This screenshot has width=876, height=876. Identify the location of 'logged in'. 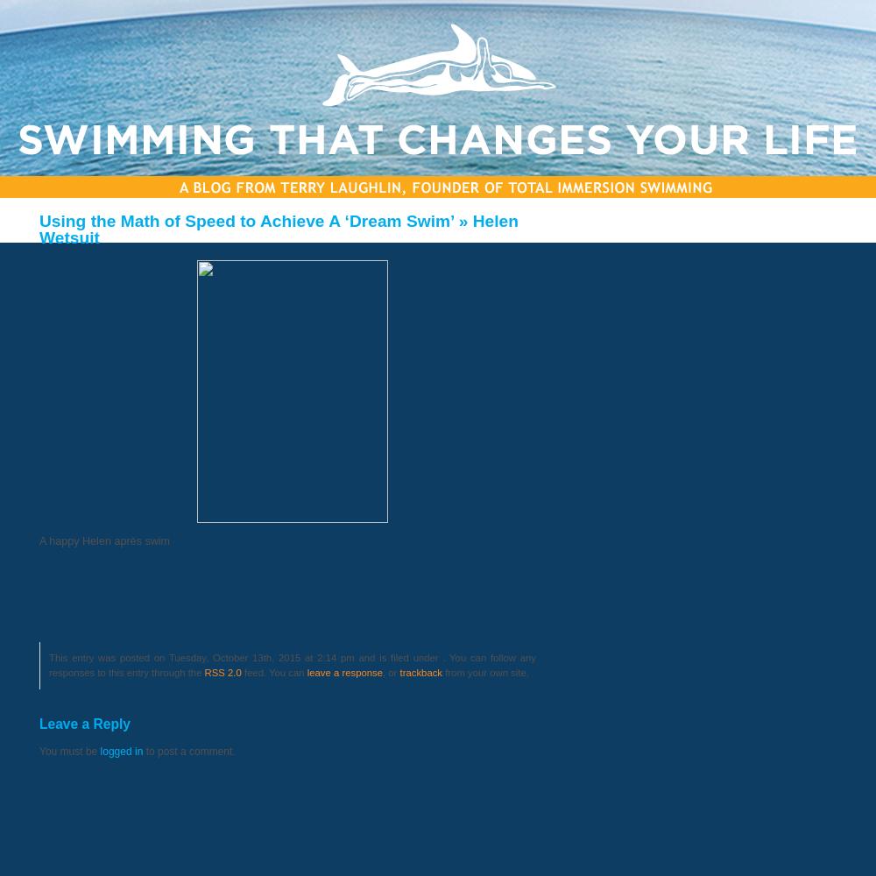
(99, 750).